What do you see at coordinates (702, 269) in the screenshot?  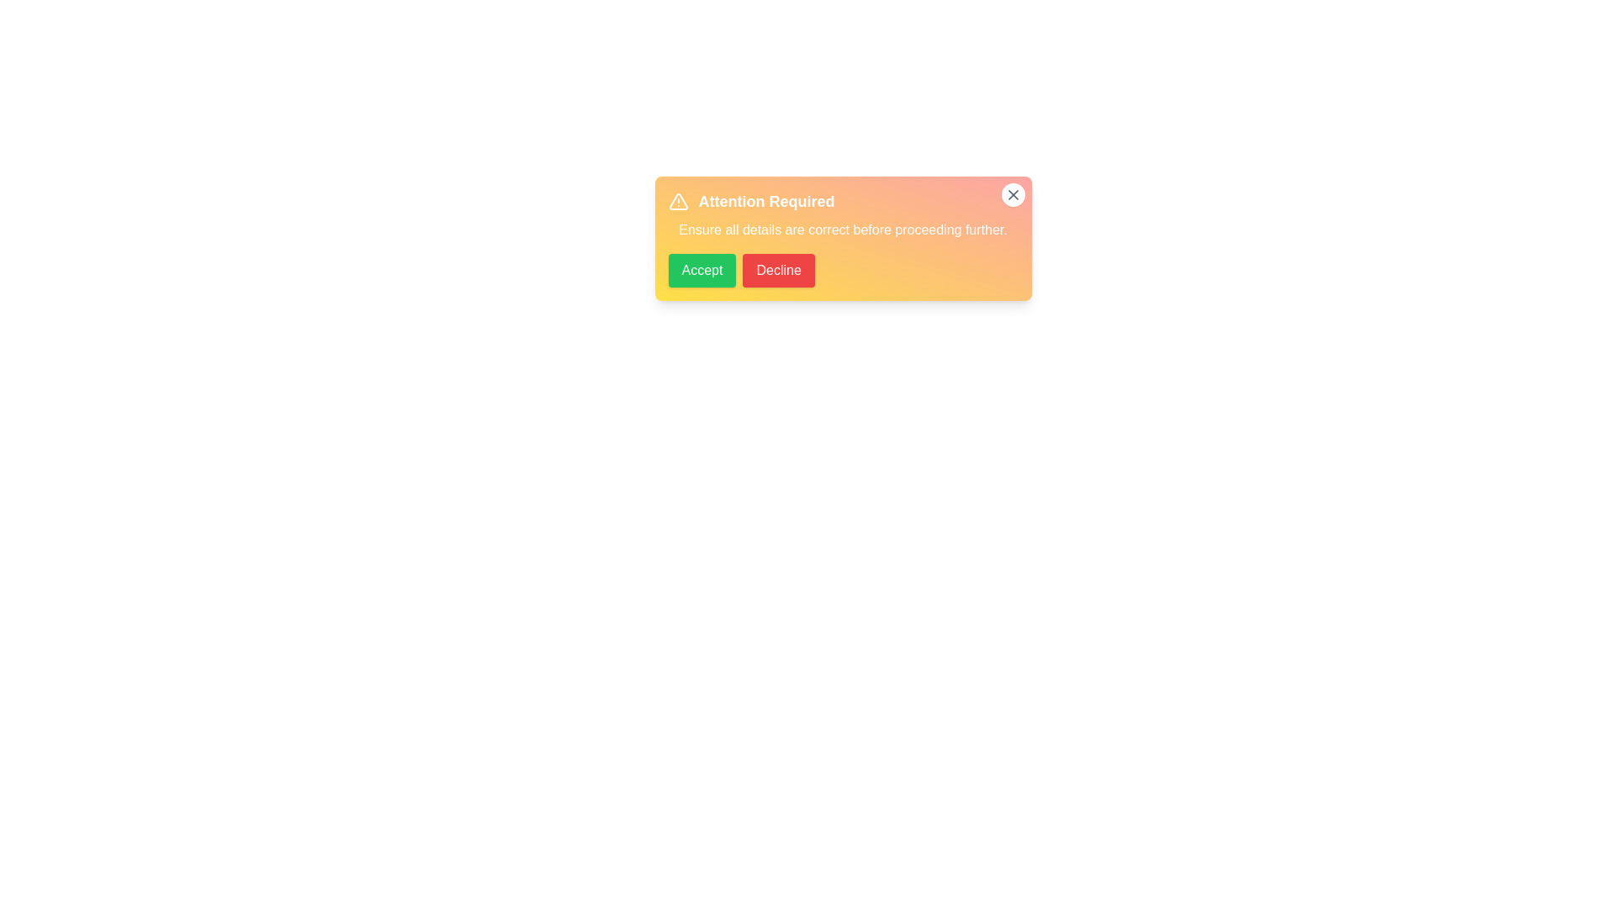 I see `the 'Accept' button to confirm the notification message` at bounding box center [702, 269].